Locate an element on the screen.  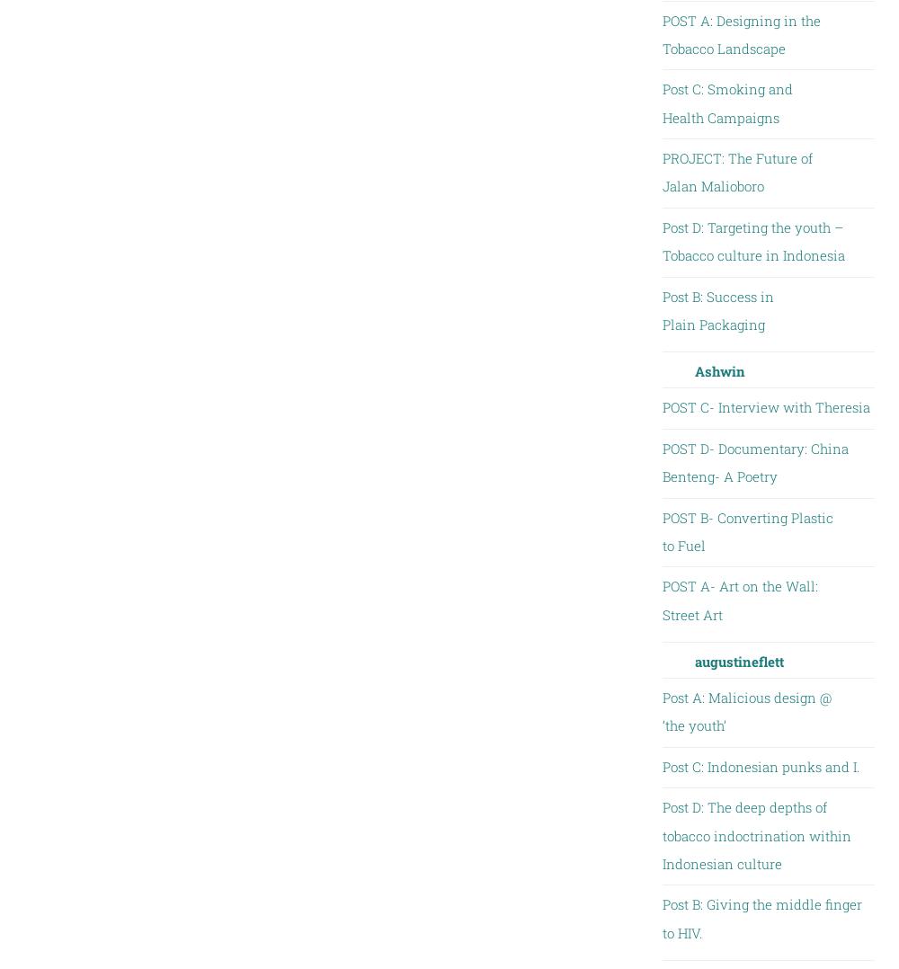
'augustineflett' is located at coordinates (737, 661).